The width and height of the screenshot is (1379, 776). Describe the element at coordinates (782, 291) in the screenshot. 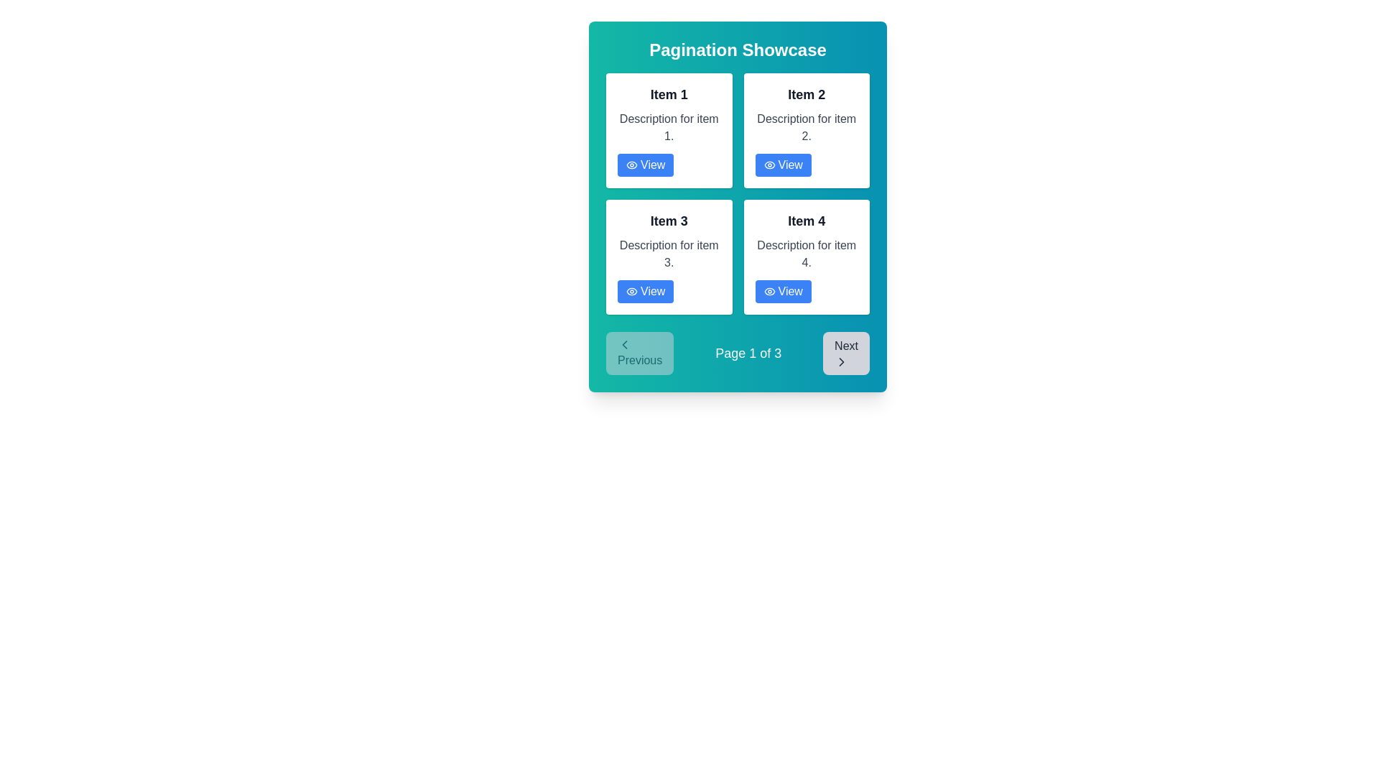

I see `the button located at the bottom of the item card labeled 'Item 4' to observe hover effects` at that location.